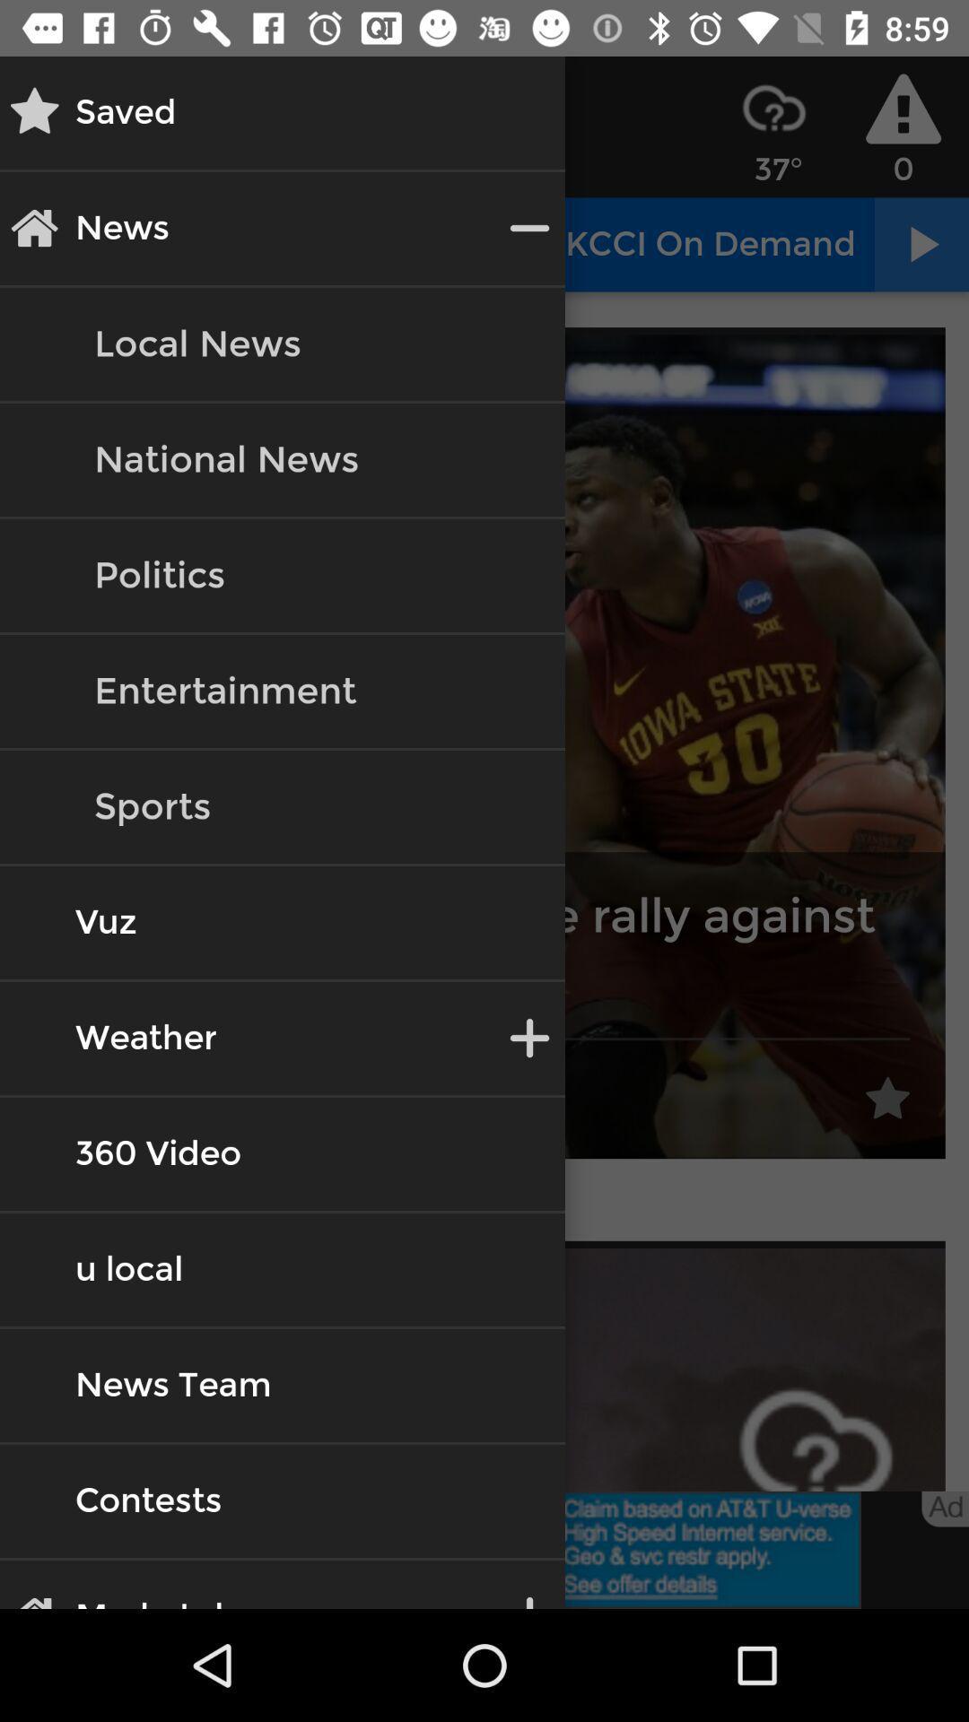 This screenshot has height=1722, width=969. I want to click on the star icon, so click(65, 121).